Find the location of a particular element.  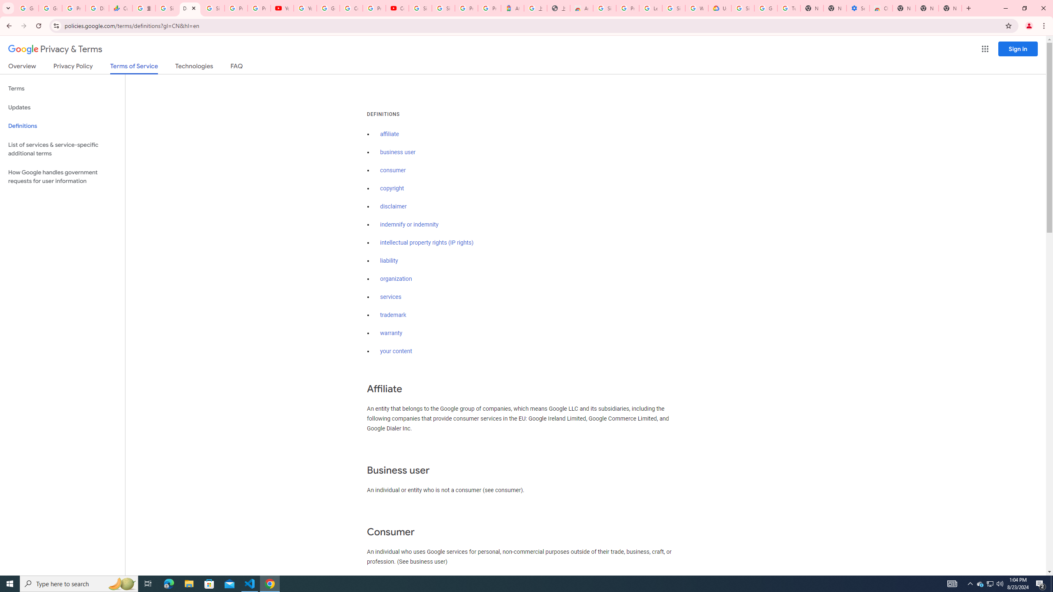

'intellectual property rights (IP rights)' is located at coordinates (427, 243).